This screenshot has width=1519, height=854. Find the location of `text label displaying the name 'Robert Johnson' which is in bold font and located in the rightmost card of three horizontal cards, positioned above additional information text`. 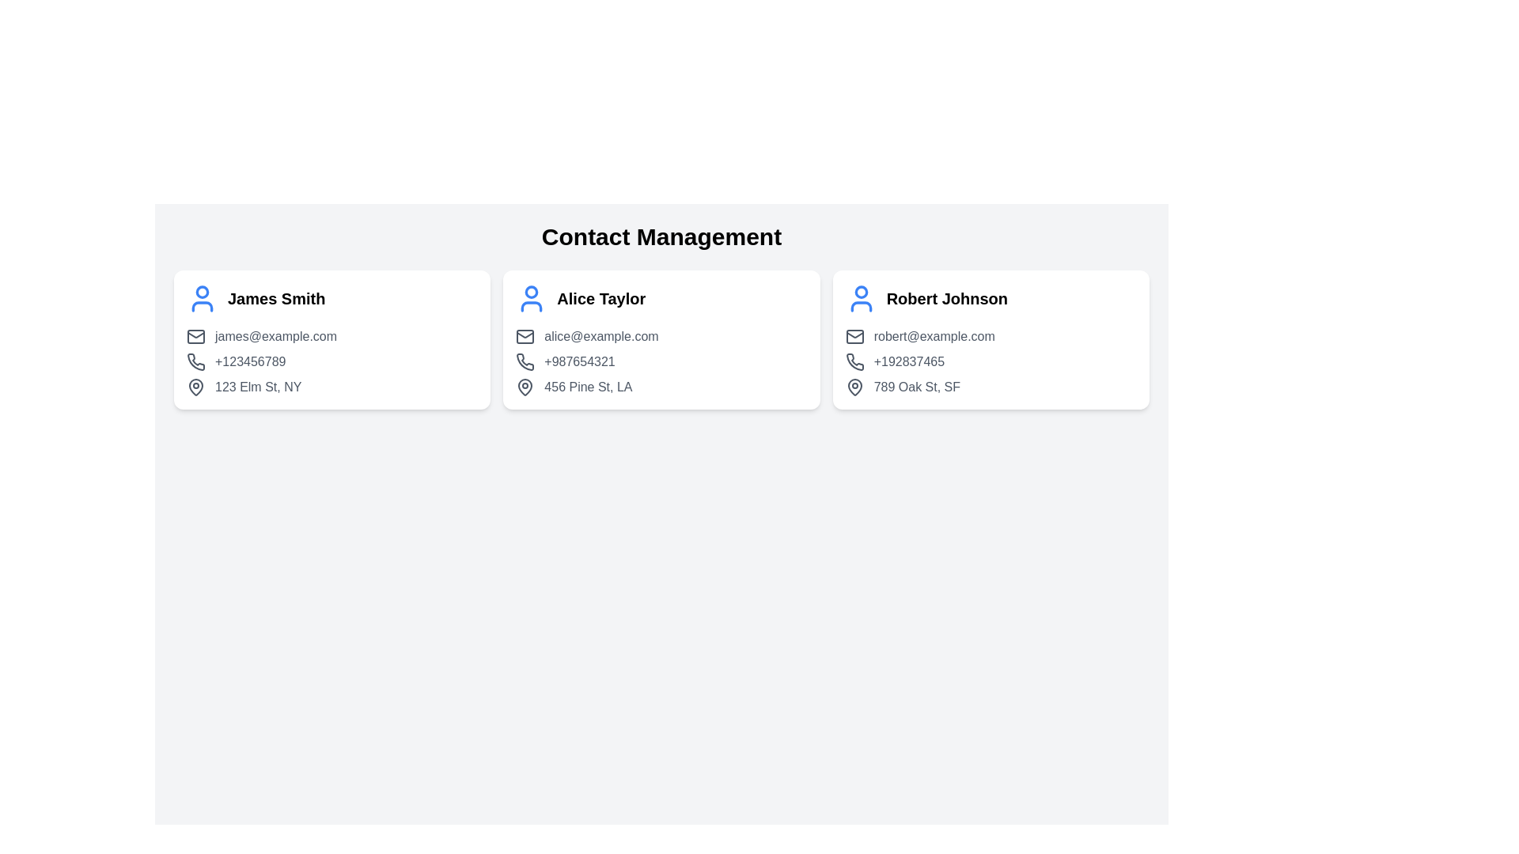

text label displaying the name 'Robert Johnson' which is in bold font and located in the rightmost card of three horizontal cards, positioned above additional information text is located at coordinates (947, 299).